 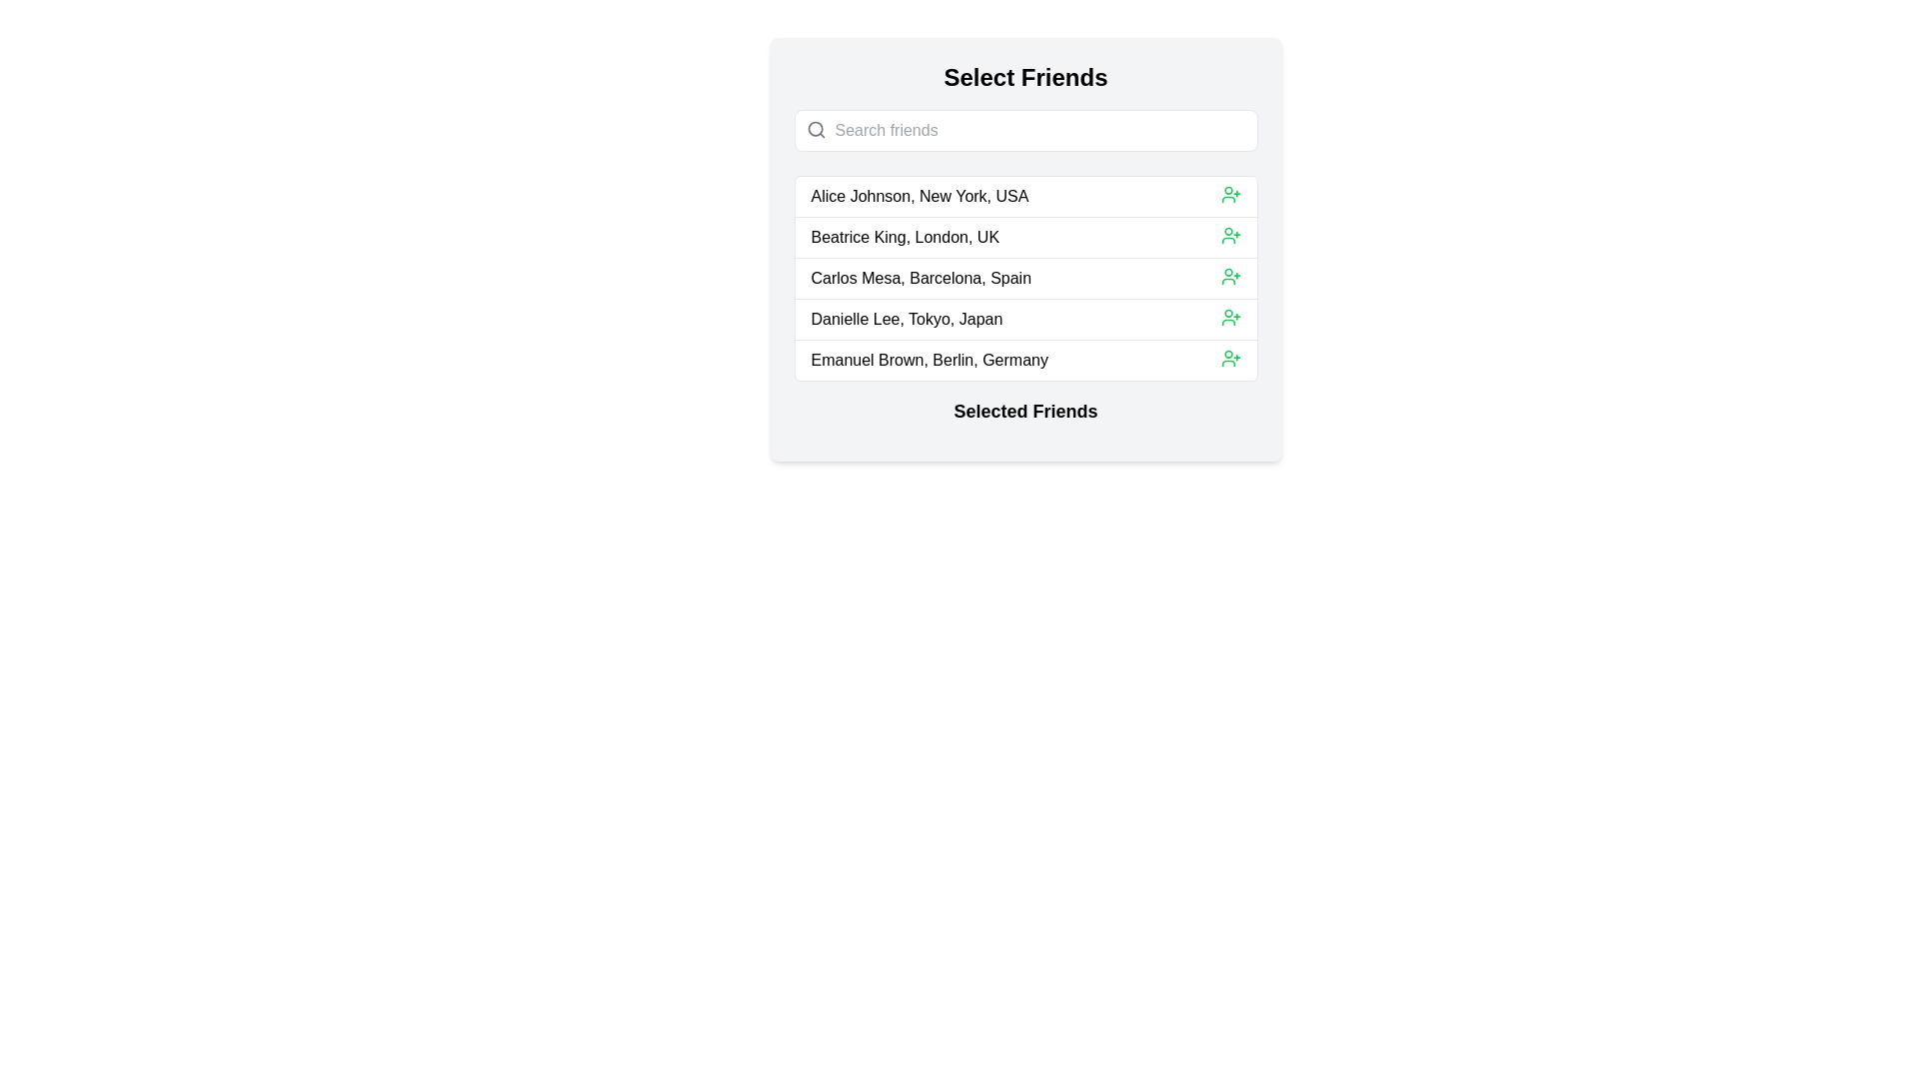 I want to click on the text label displaying 'Danielle Lee, Tokyo, Japan', so click(x=906, y=319).